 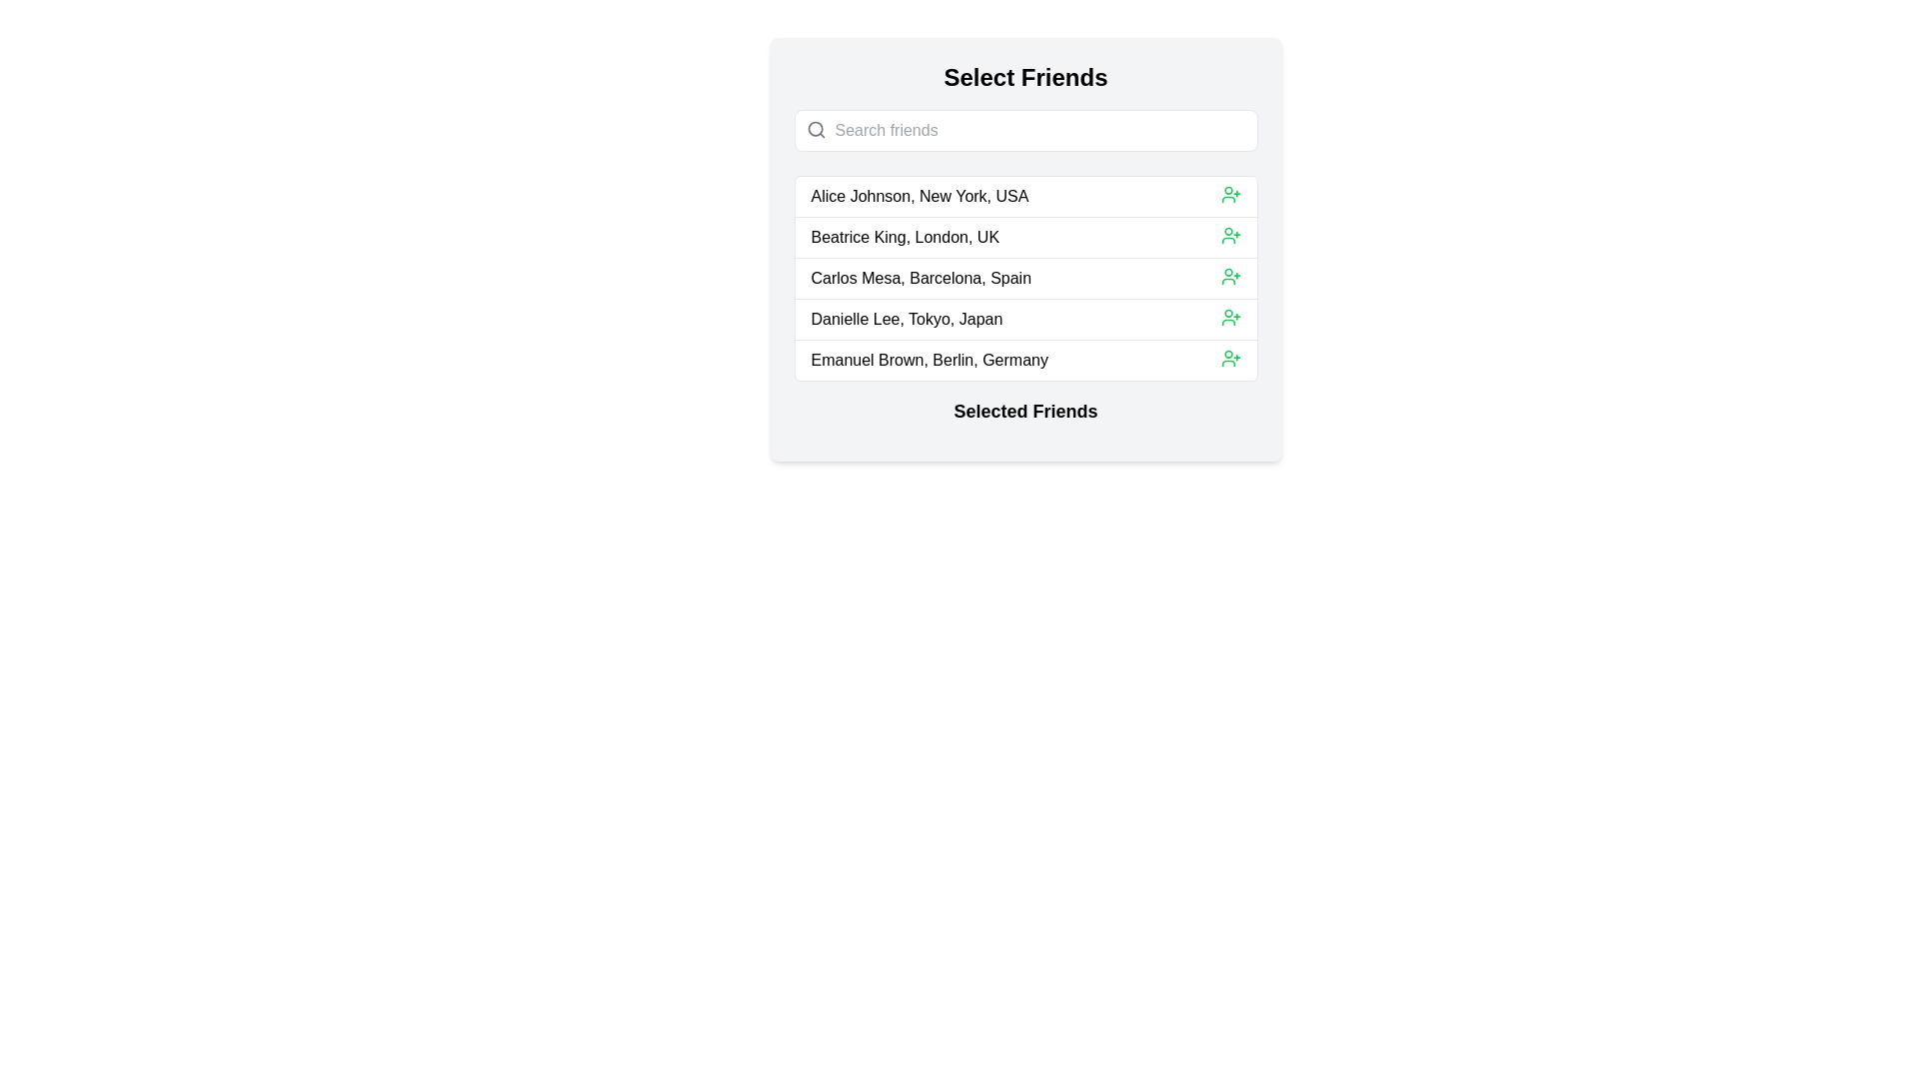 I want to click on the text label displaying 'Danielle Lee, Tokyo, Japan', so click(x=906, y=319).